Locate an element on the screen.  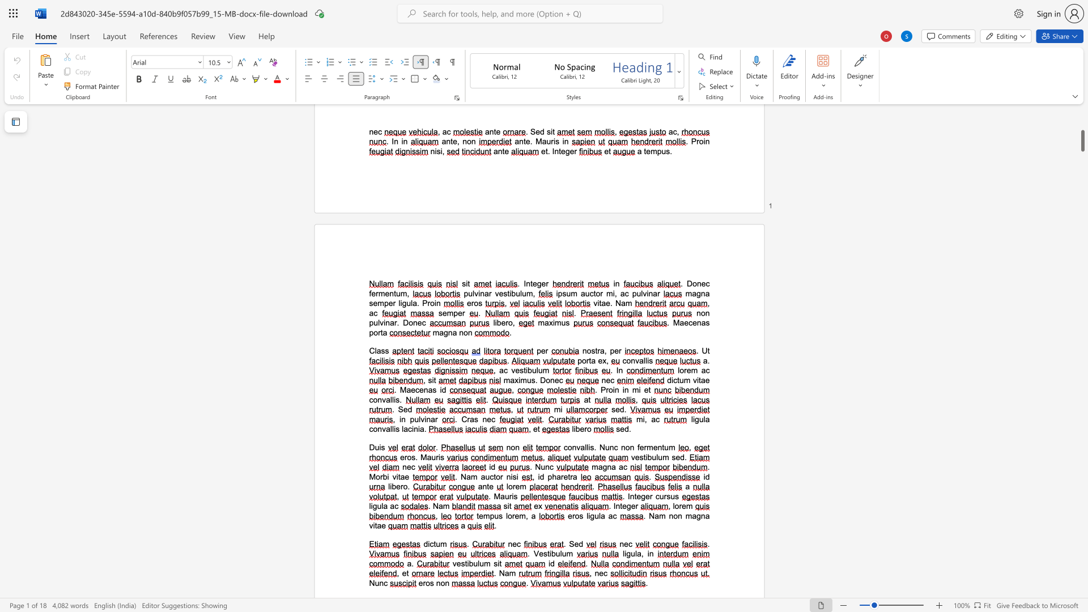
the space between the continuous character "l" and "l" in the text is located at coordinates (645, 360).